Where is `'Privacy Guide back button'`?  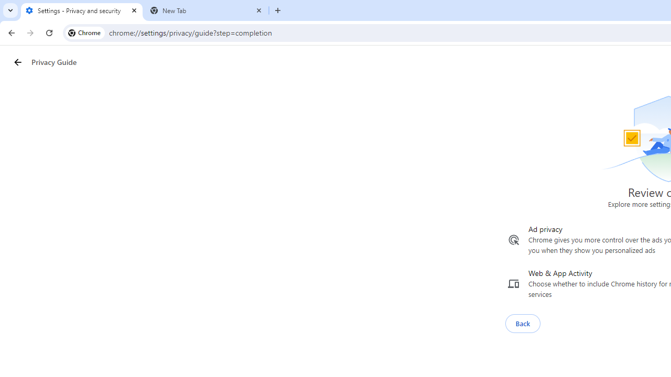
'Privacy Guide back button' is located at coordinates (17, 62).